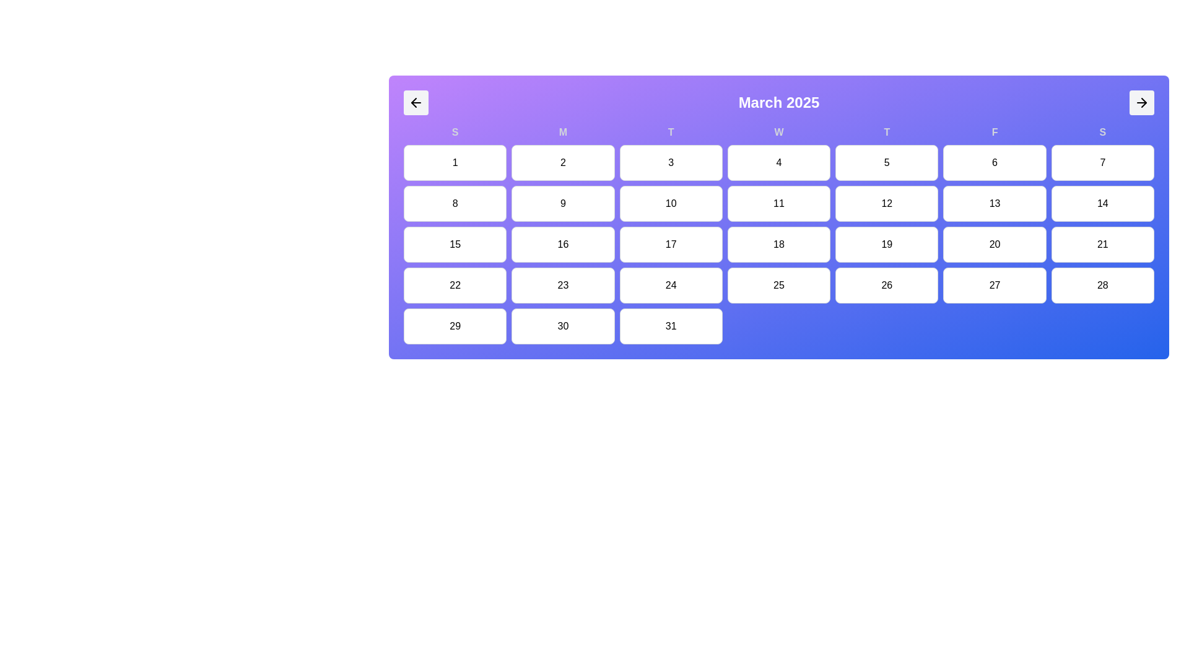 The image size is (1189, 669). I want to click on the clickable calendar grid cell that displays the date '28', so click(1102, 286).